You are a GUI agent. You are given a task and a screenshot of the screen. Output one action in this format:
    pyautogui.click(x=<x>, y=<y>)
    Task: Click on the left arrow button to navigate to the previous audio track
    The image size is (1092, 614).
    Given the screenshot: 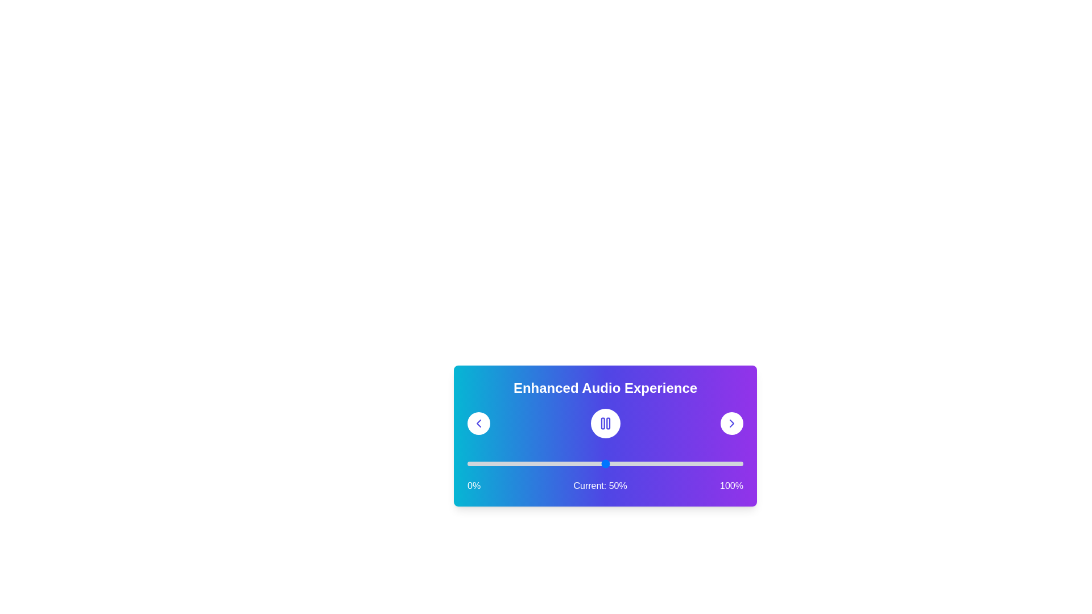 What is the action you would take?
    pyautogui.click(x=478, y=423)
    